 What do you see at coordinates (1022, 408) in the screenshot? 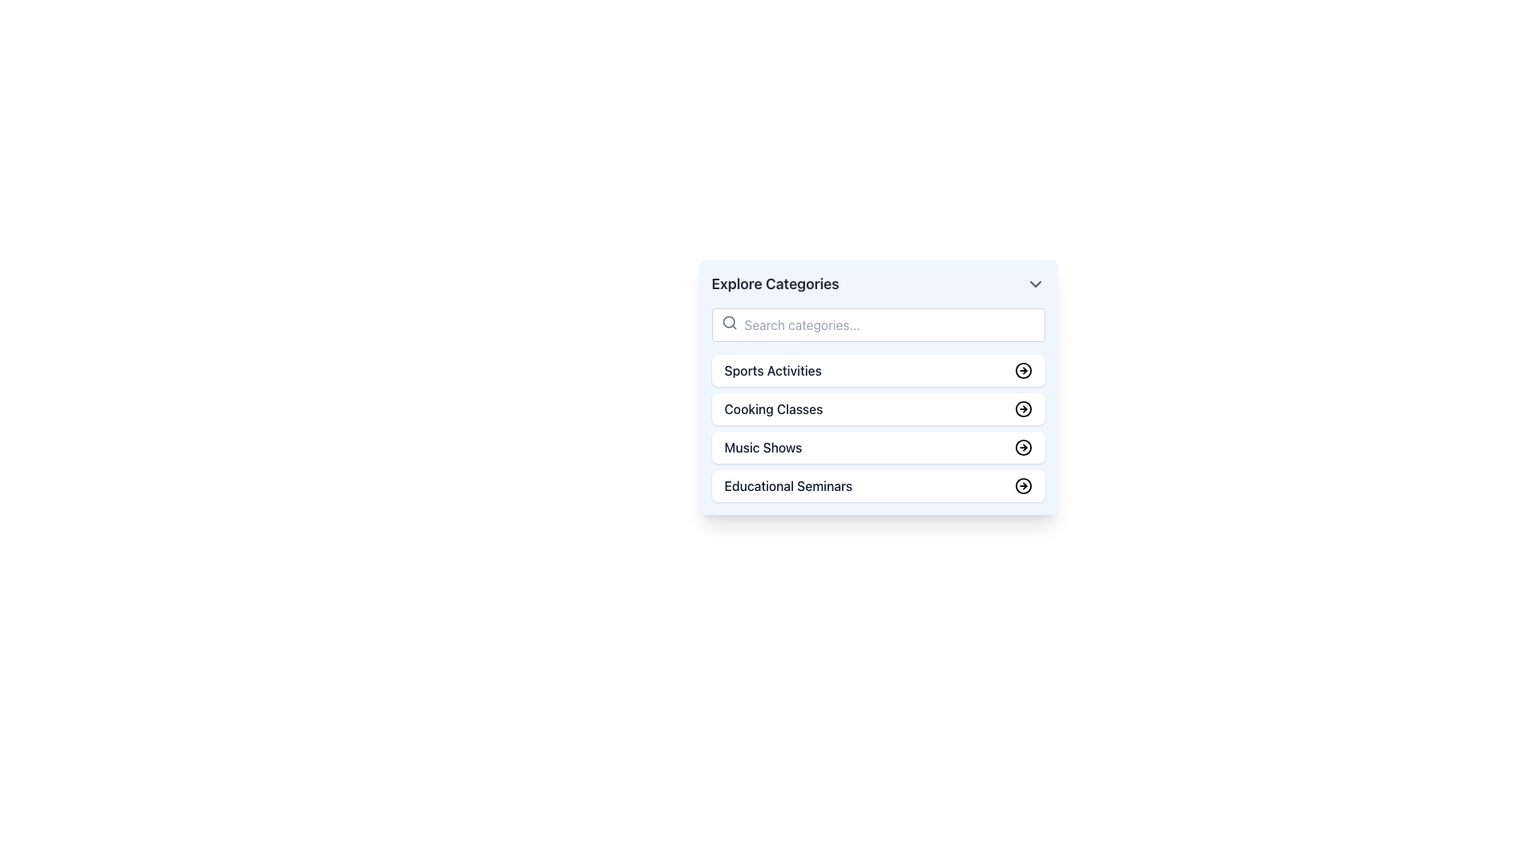
I see `the icon button located on the right side of the 'Cooking Classes' list item` at bounding box center [1022, 408].